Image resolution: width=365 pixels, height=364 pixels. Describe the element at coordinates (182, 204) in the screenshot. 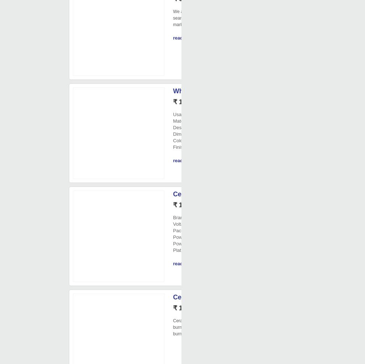

I see `'₹ 199/'` at that location.